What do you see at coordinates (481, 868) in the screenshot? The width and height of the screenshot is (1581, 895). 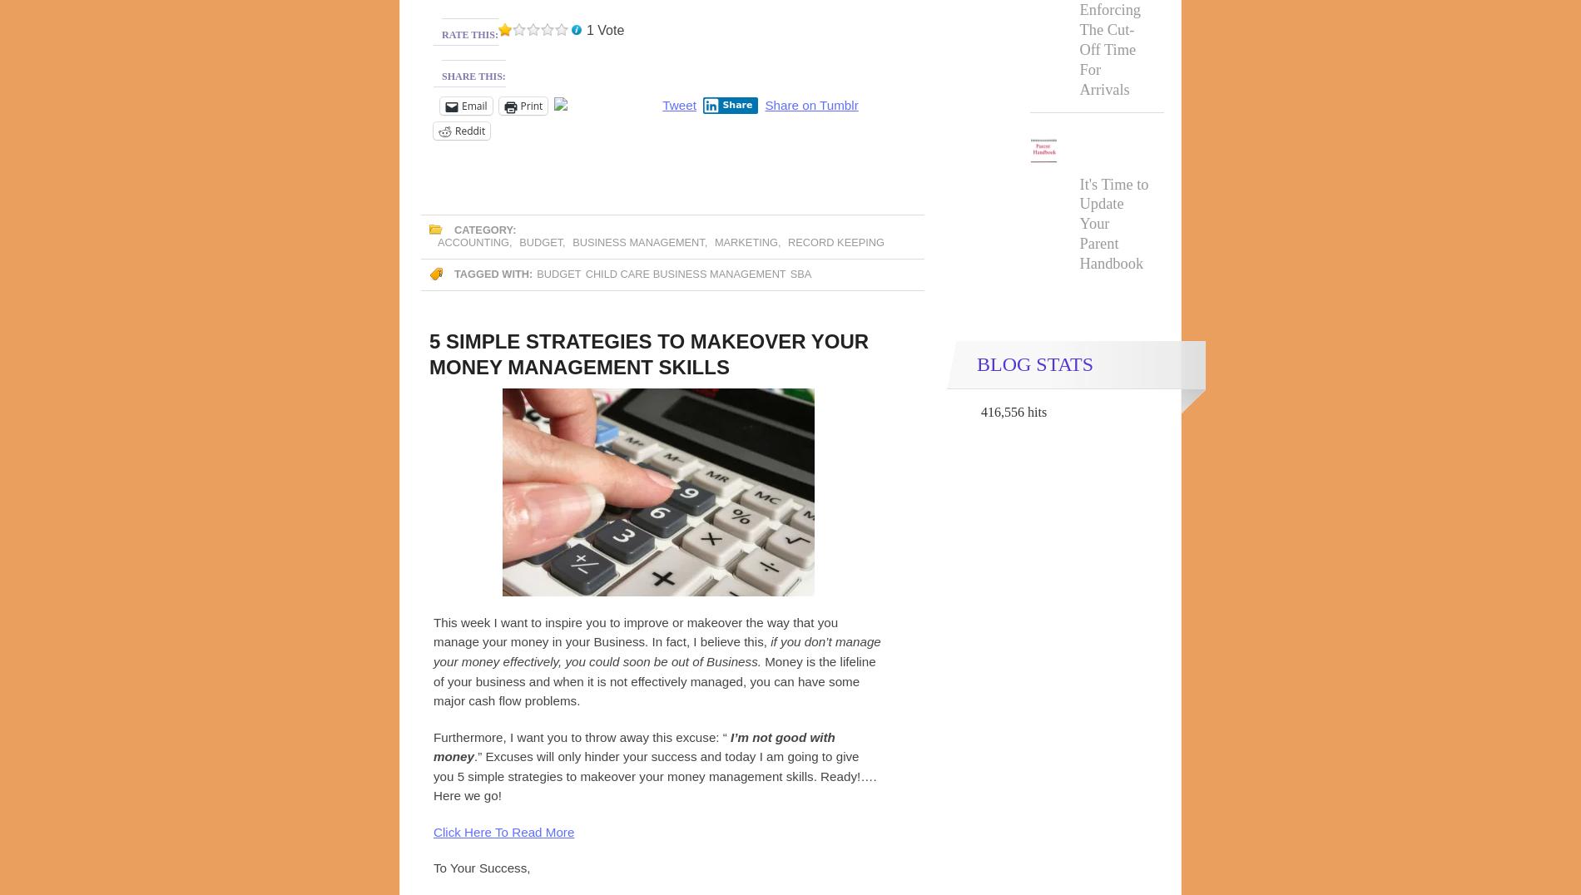 I see `'To Your Success,'` at bounding box center [481, 868].